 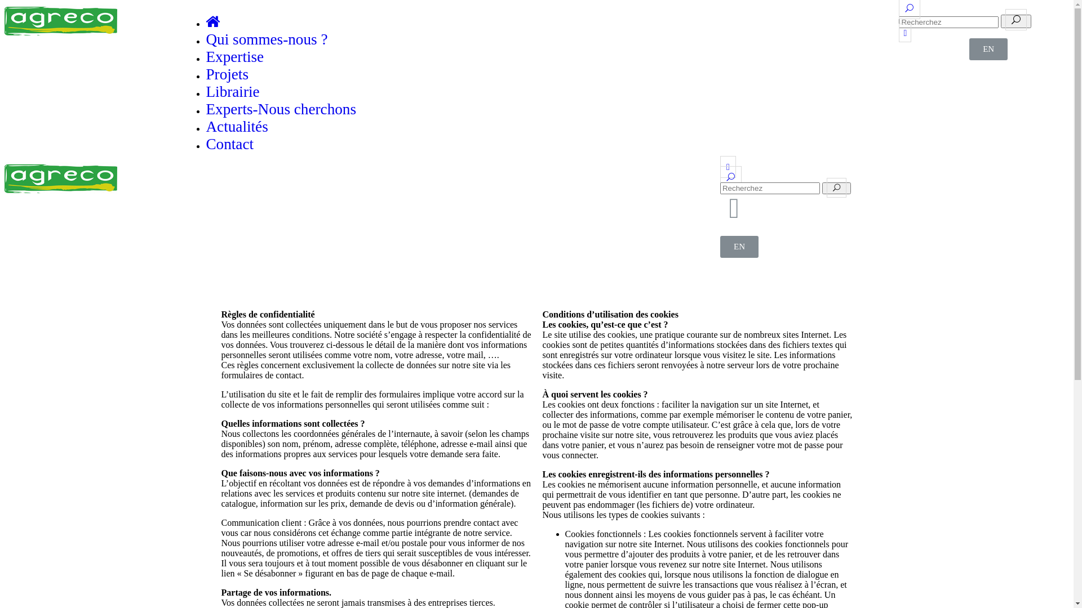 I want to click on 'Contact', so click(x=41, y=229).